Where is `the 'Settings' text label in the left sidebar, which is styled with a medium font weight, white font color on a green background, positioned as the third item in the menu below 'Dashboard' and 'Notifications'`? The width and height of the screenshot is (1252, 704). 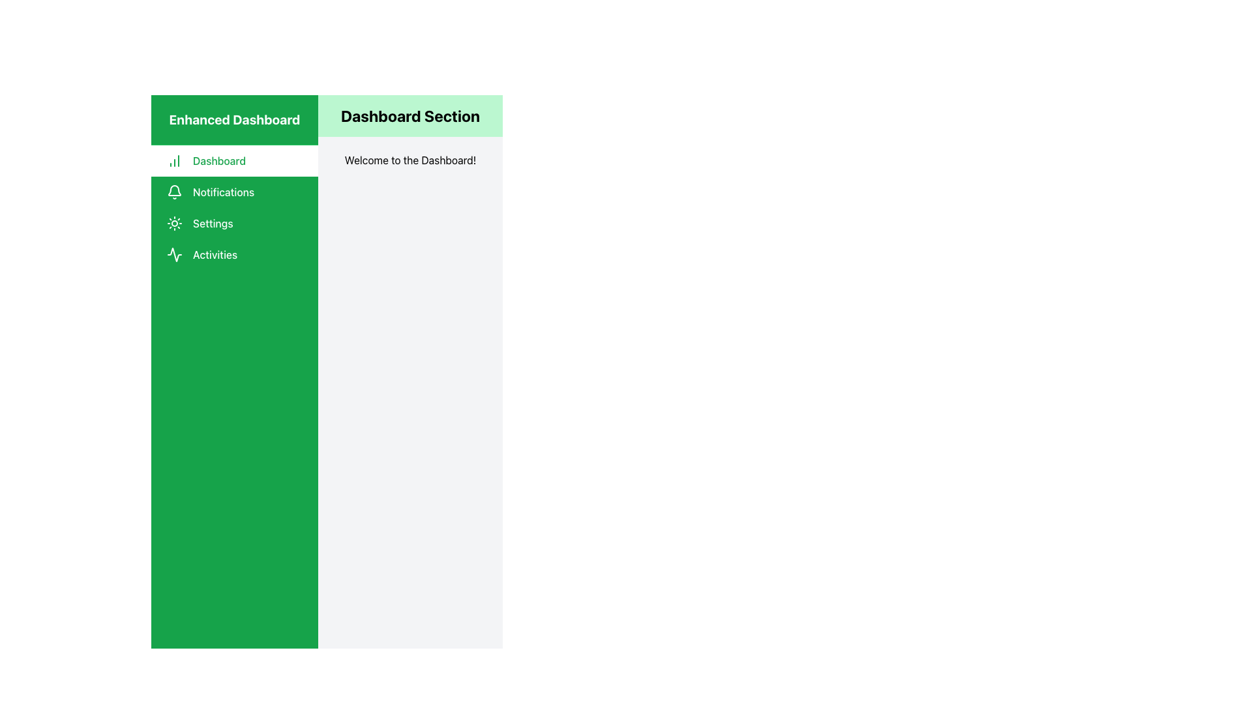
the 'Settings' text label in the left sidebar, which is styled with a medium font weight, white font color on a green background, positioned as the third item in the menu below 'Dashboard' and 'Notifications' is located at coordinates (213, 223).